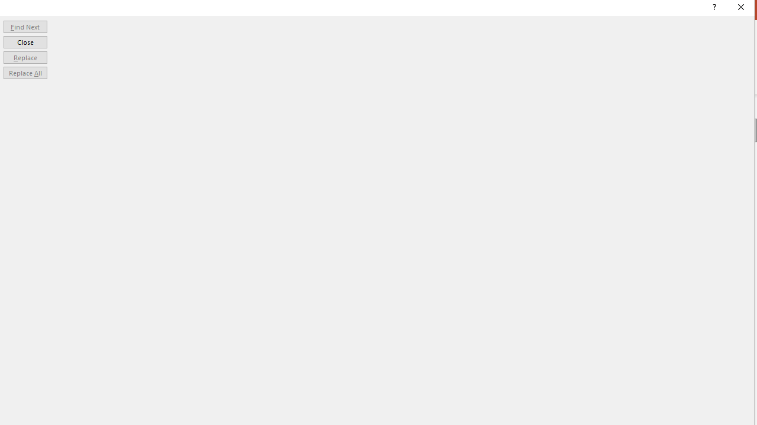 This screenshot has width=757, height=425. What do you see at coordinates (25, 27) in the screenshot?
I see `'Find Next'` at bounding box center [25, 27].